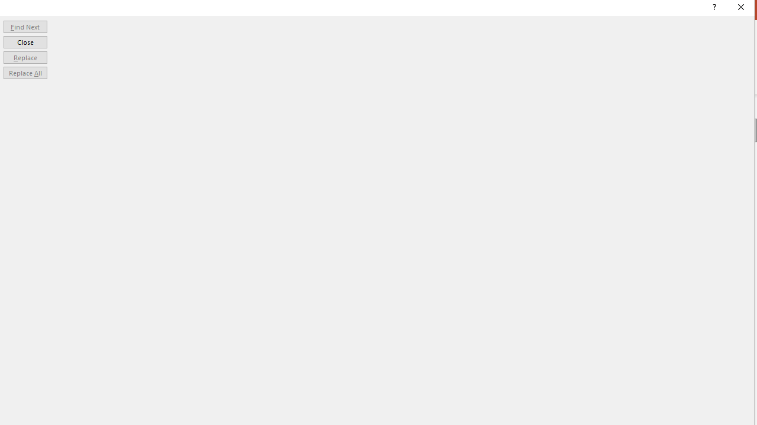 This screenshot has width=757, height=425. What do you see at coordinates (25, 27) in the screenshot?
I see `'Find Next'` at bounding box center [25, 27].